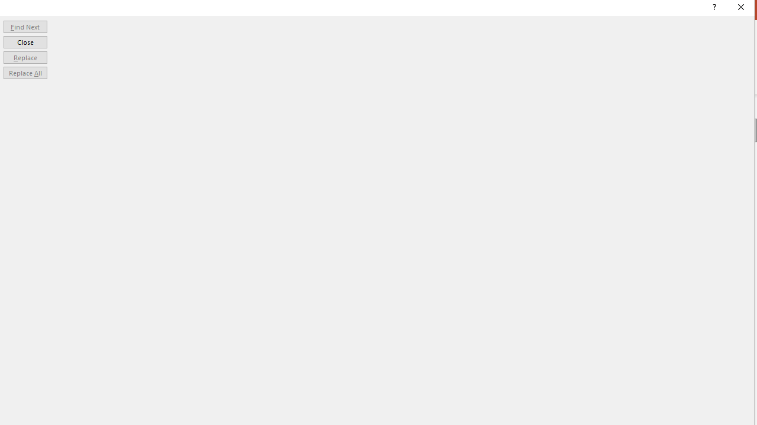 This screenshot has width=757, height=425. What do you see at coordinates (25, 27) in the screenshot?
I see `'Find Next'` at bounding box center [25, 27].